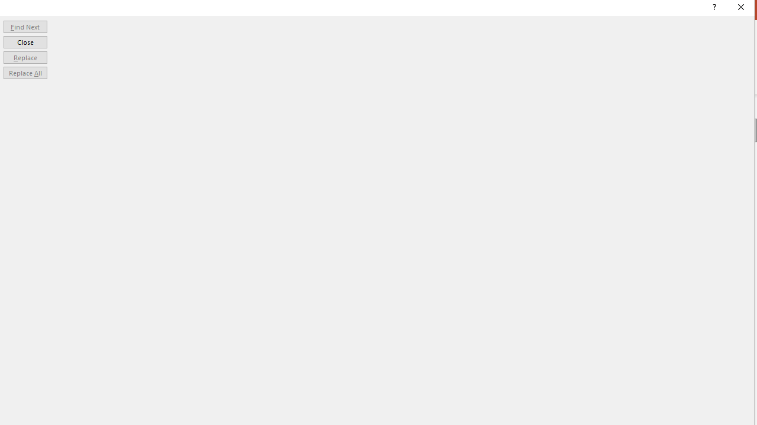 This screenshot has width=757, height=425. What do you see at coordinates (25, 27) in the screenshot?
I see `'Find Next'` at bounding box center [25, 27].